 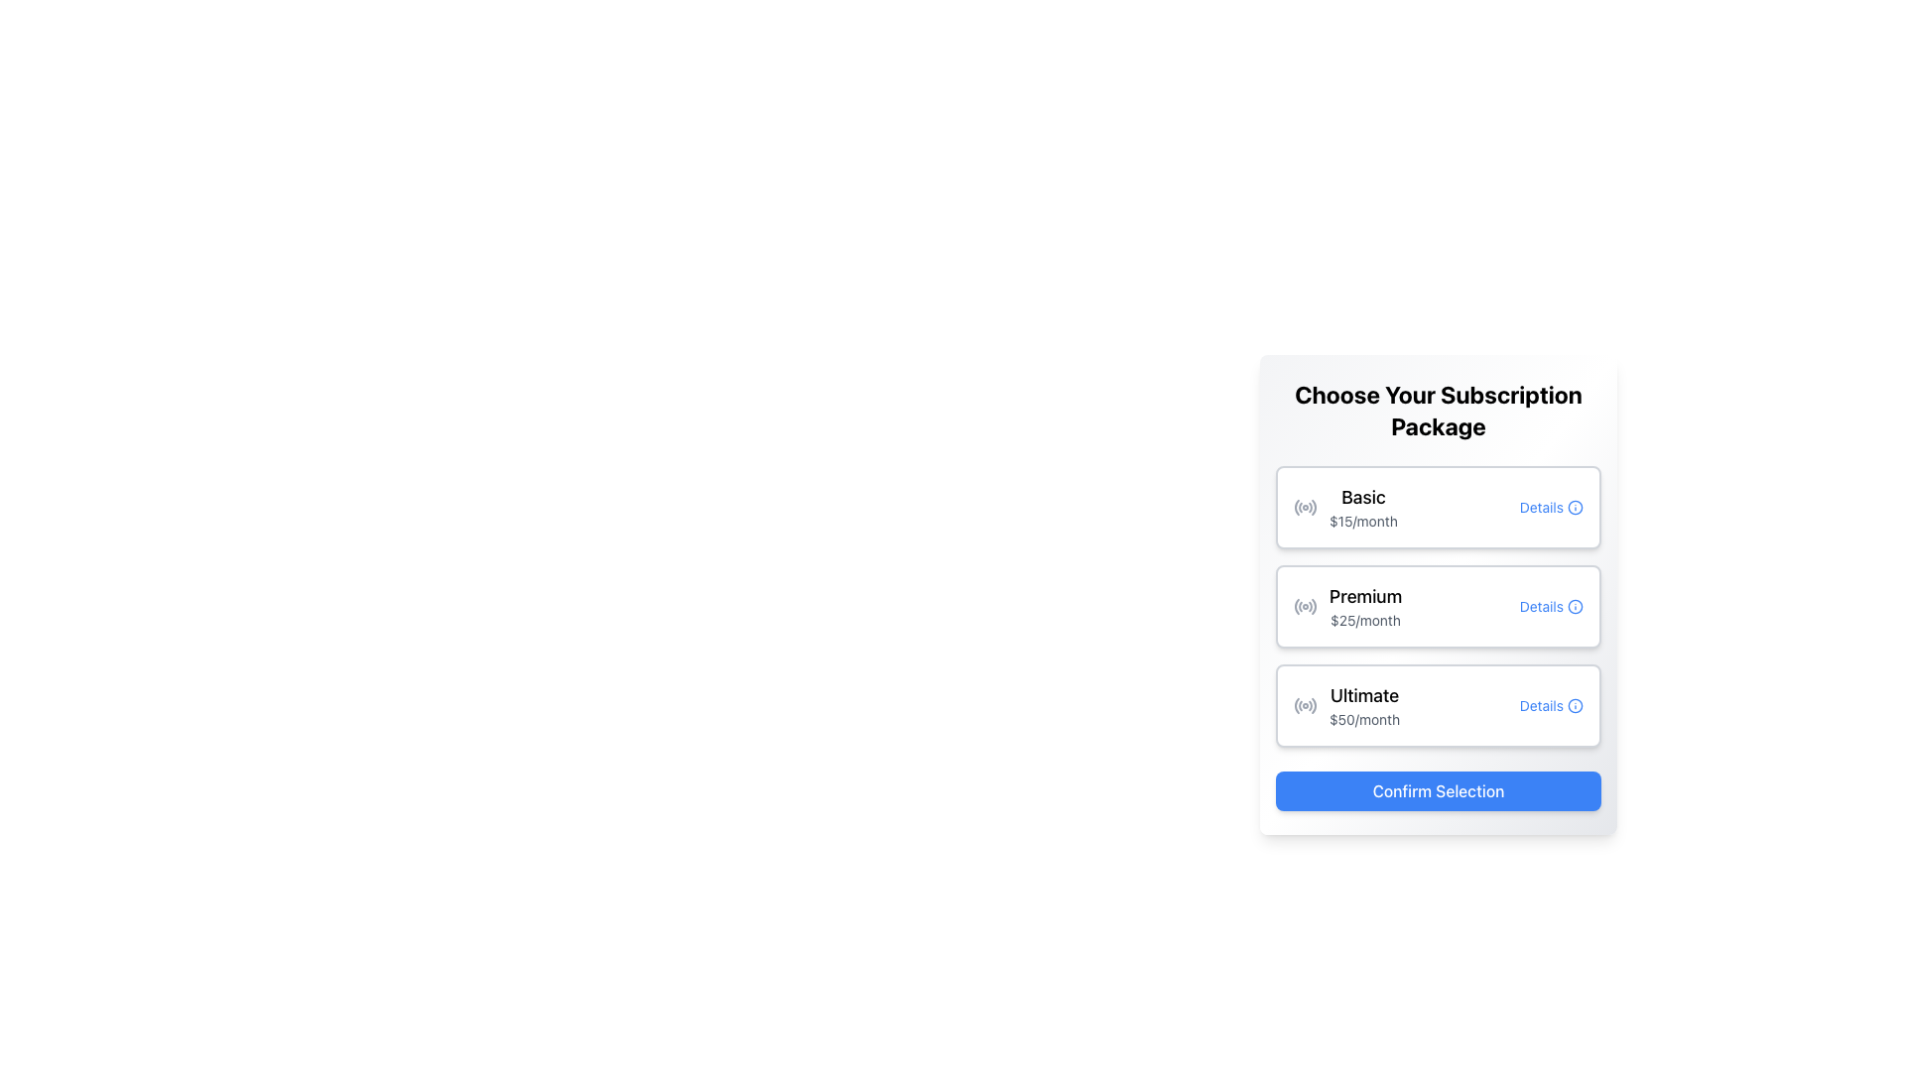 What do you see at coordinates (1575, 705) in the screenshot?
I see `the outer circular ring of the 'Details' icon associated with the 'Ultimate' subscription option` at bounding box center [1575, 705].